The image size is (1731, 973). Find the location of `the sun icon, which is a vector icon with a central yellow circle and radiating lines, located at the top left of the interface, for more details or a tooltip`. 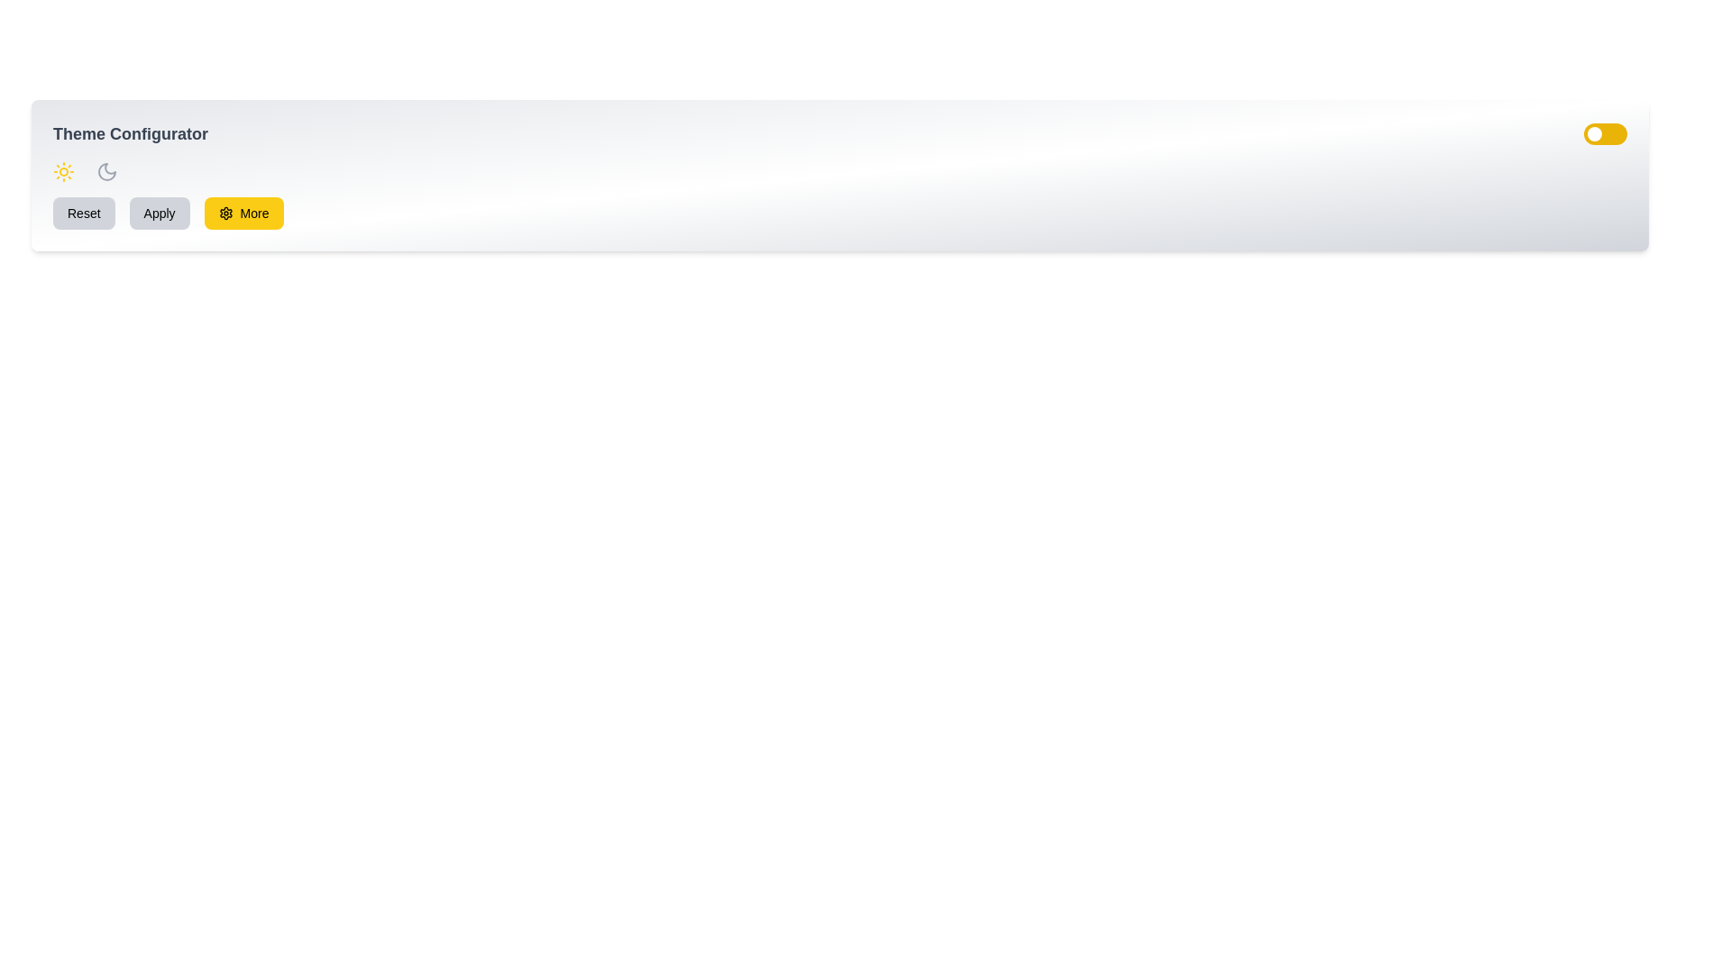

the sun icon, which is a vector icon with a central yellow circle and radiating lines, located at the top left of the interface, for more details or a tooltip is located at coordinates (64, 172).